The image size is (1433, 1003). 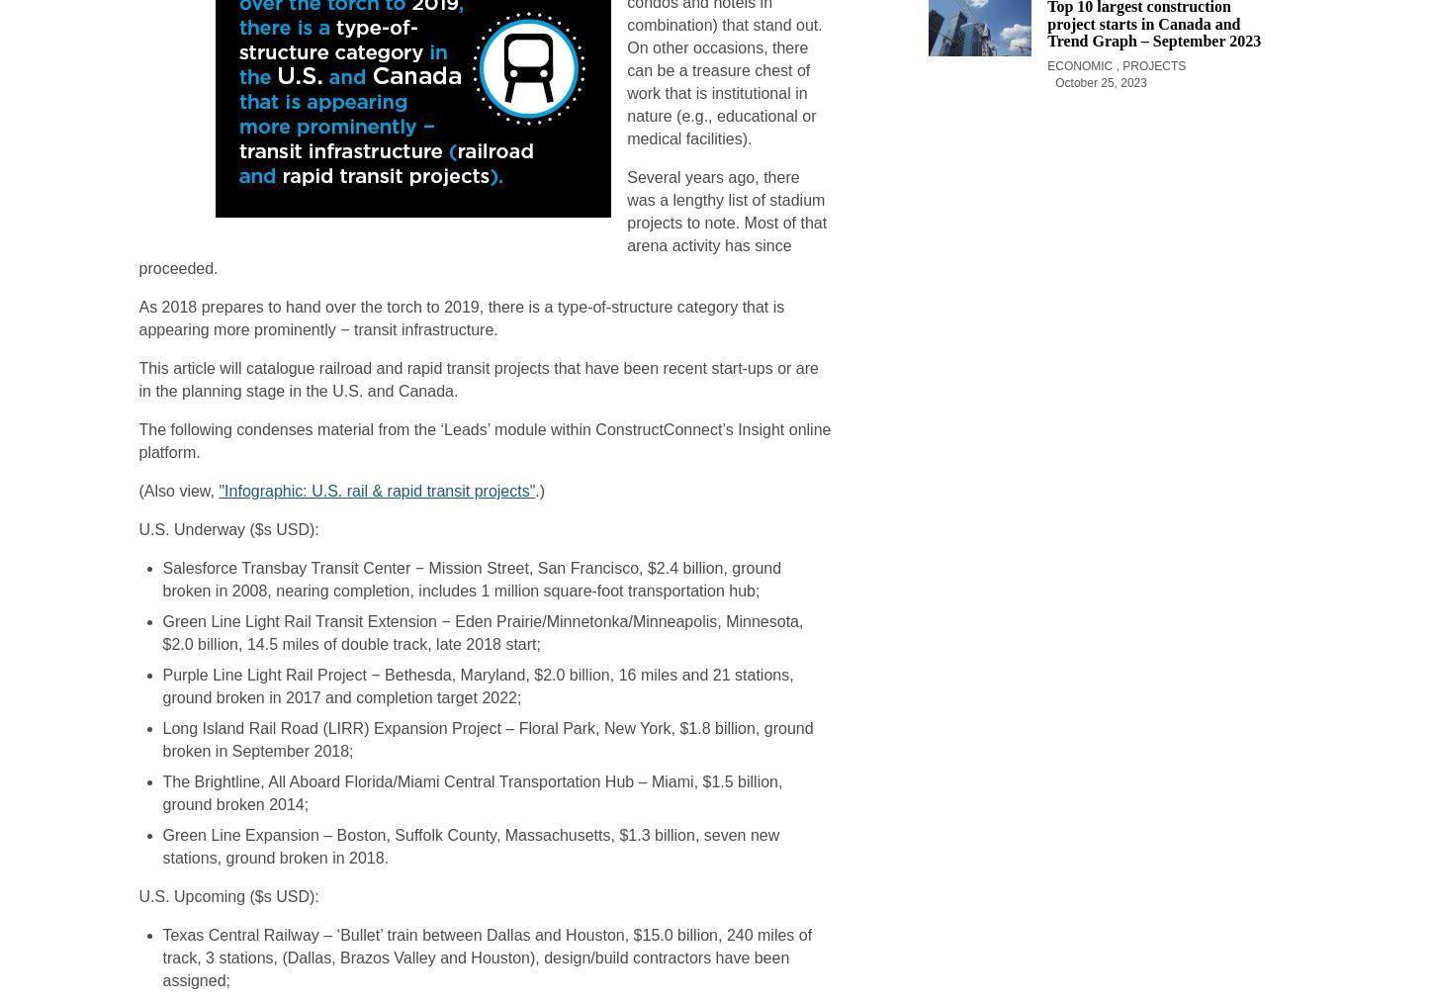 I want to click on 'Economic', so click(x=1081, y=65).